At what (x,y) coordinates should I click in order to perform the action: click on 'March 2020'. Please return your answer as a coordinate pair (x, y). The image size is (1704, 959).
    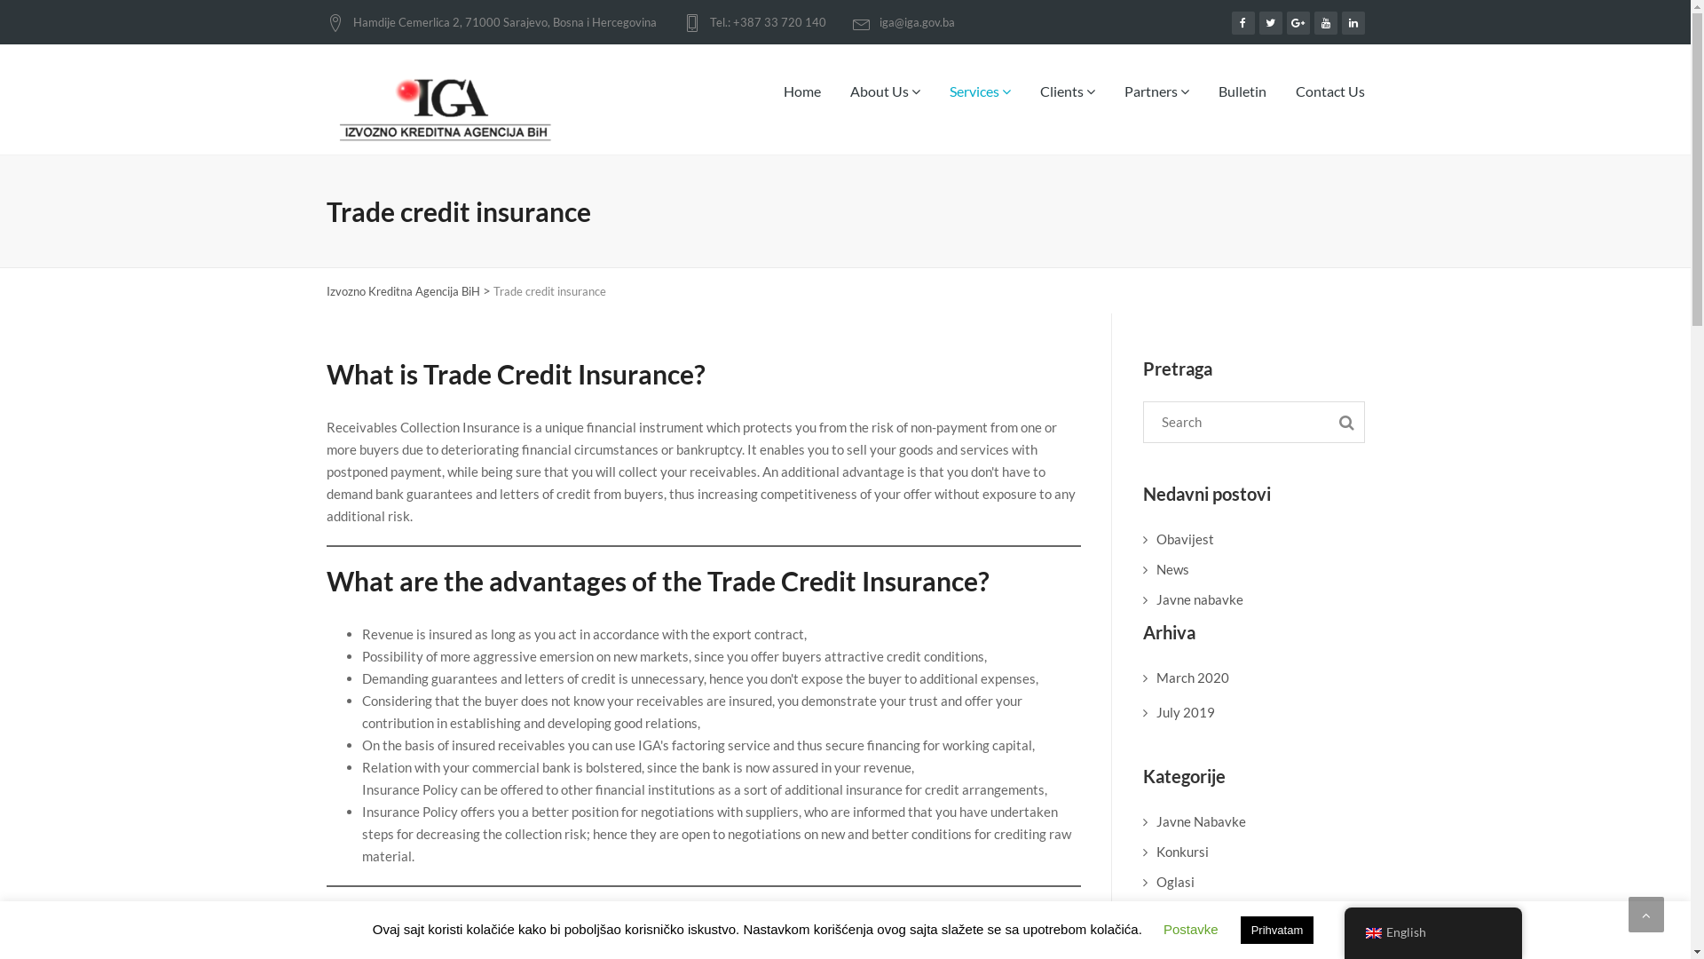
    Looking at the image, I should click on (1192, 678).